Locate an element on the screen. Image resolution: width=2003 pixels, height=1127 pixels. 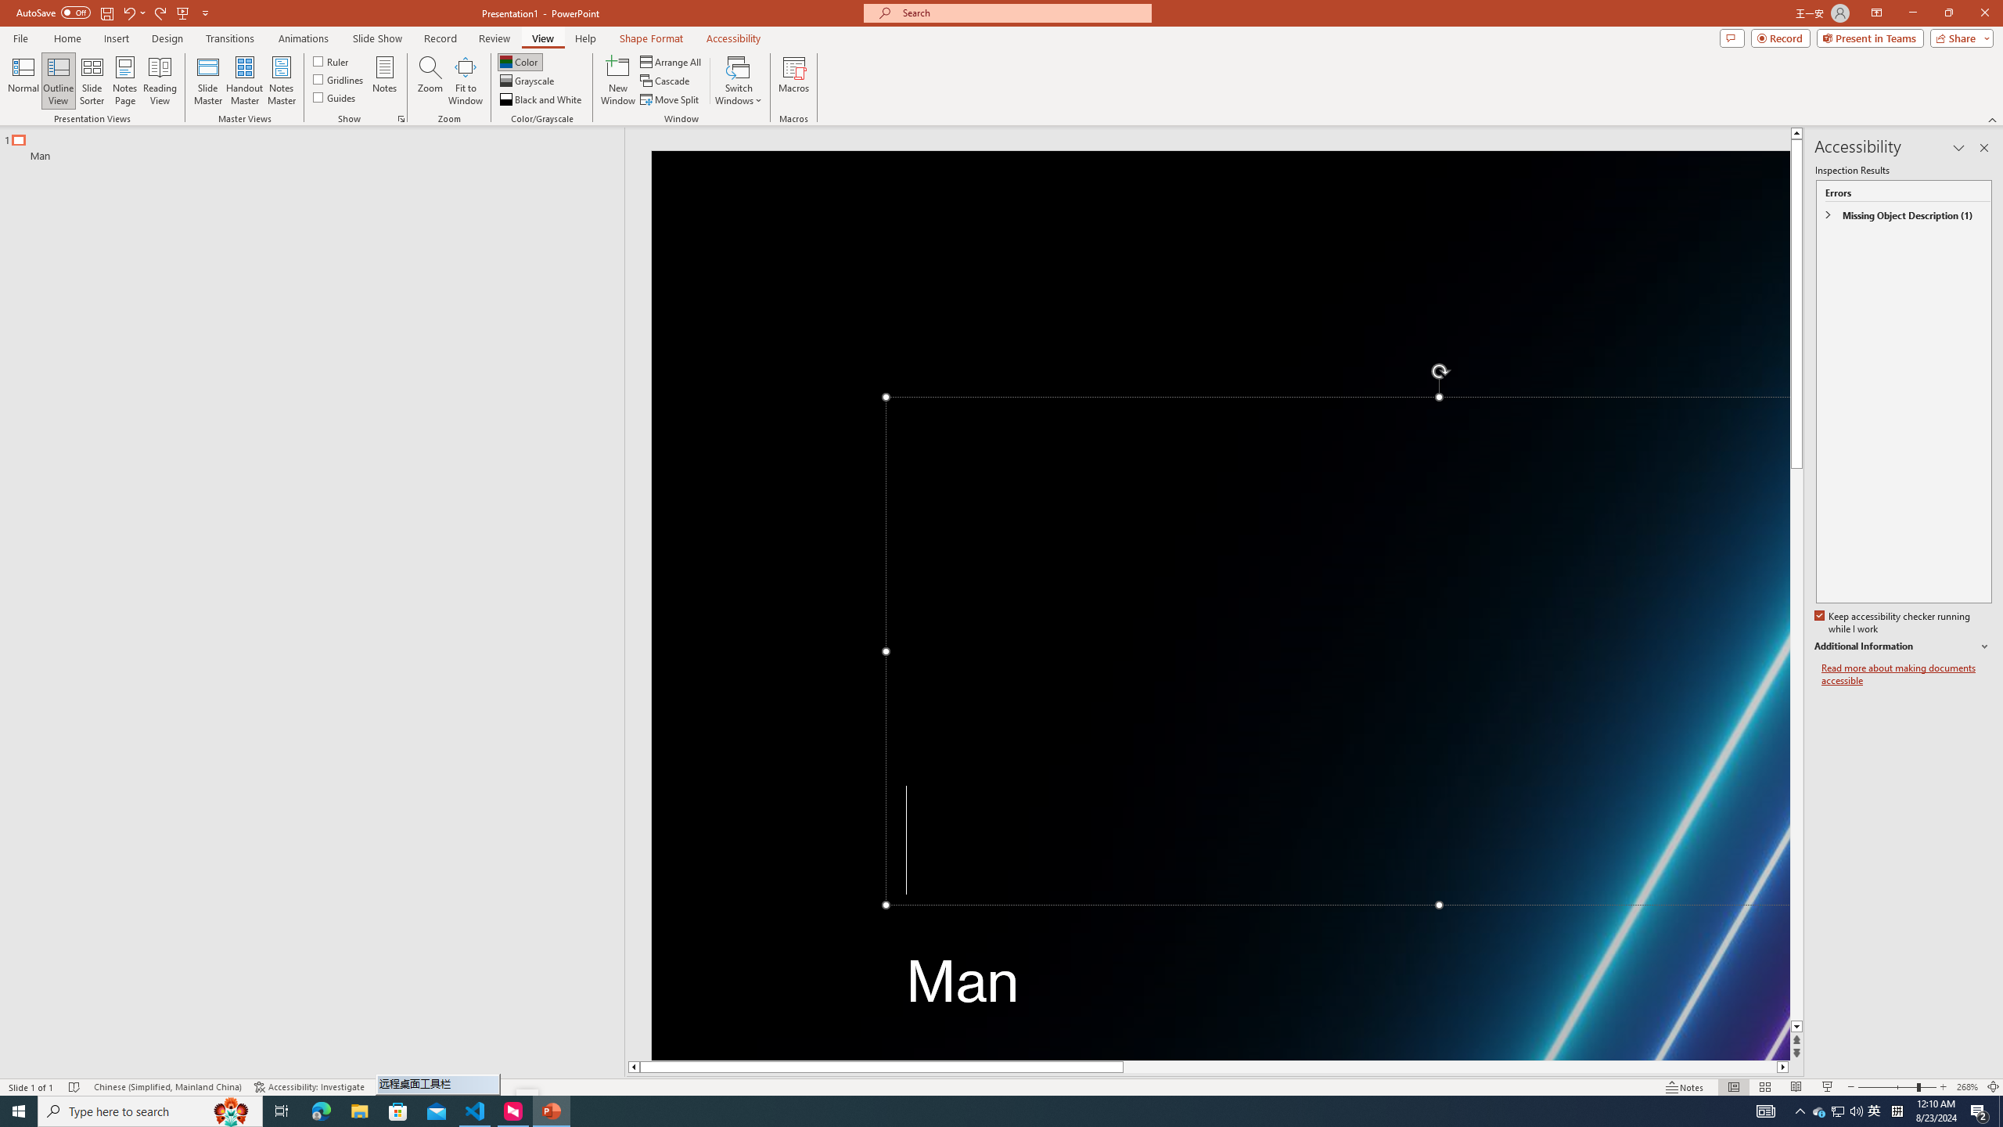
'Black and White' is located at coordinates (541, 99).